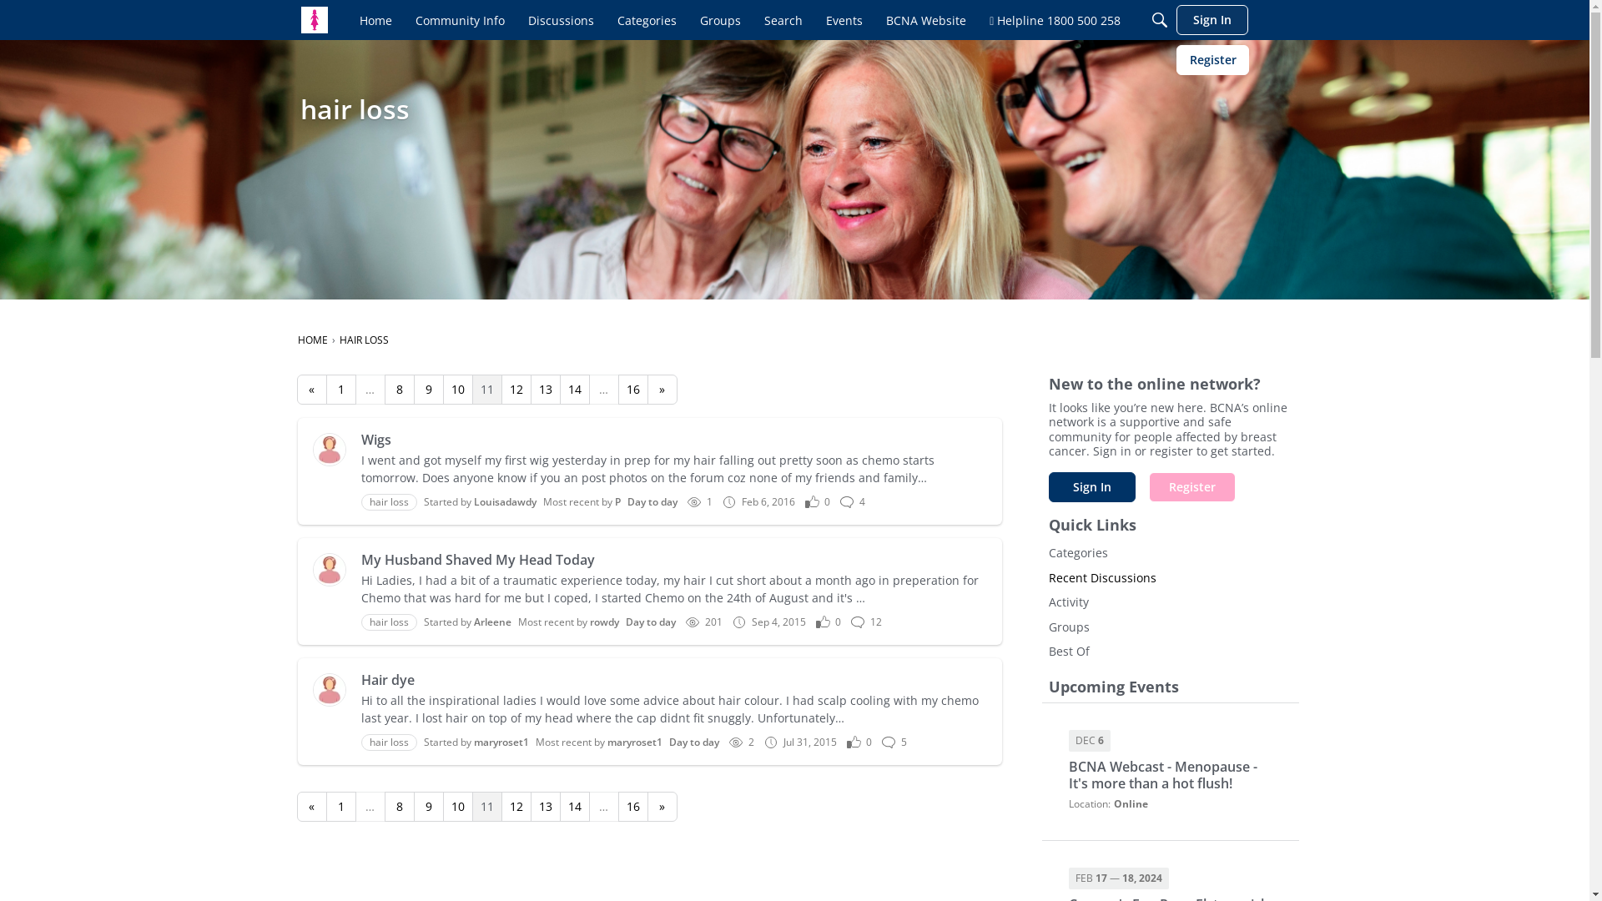 Image resolution: width=1602 pixels, height=901 pixels. What do you see at coordinates (312, 339) in the screenshot?
I see `'HOME'` at bounding box center [312, 339].